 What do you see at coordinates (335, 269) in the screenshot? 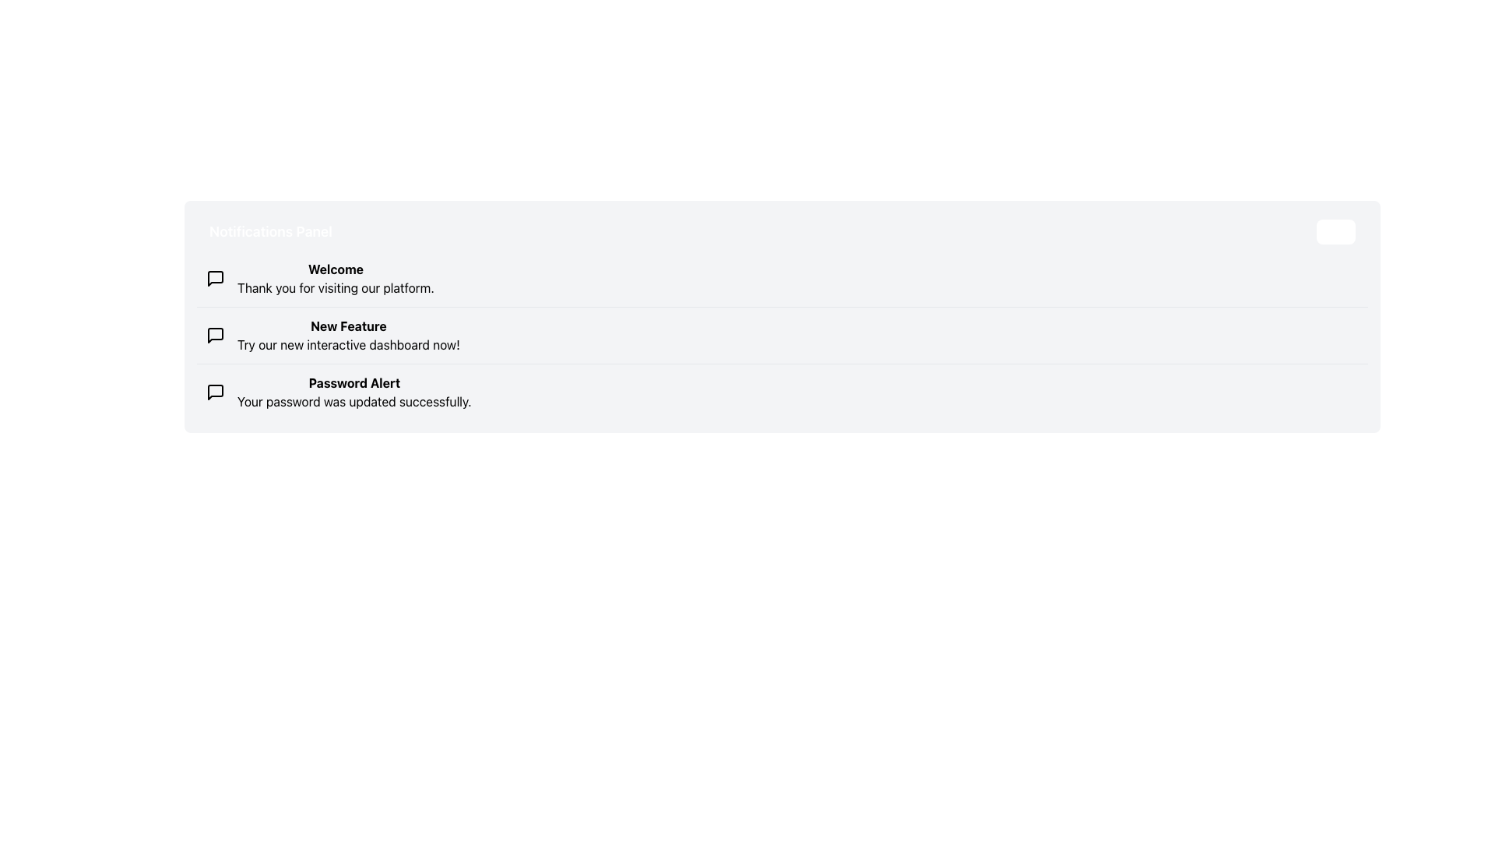
I see `text from the Text Label which serves as the title for the notification message, located at the top of the notifications area` at bounding box center [335, 269].